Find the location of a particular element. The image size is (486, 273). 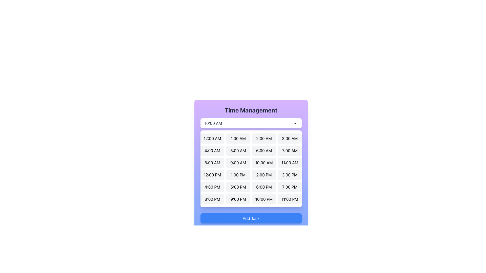

the button labeled '7:00 PM' in the time management interface using keyboard navigation is located at coordinates (290, 187).